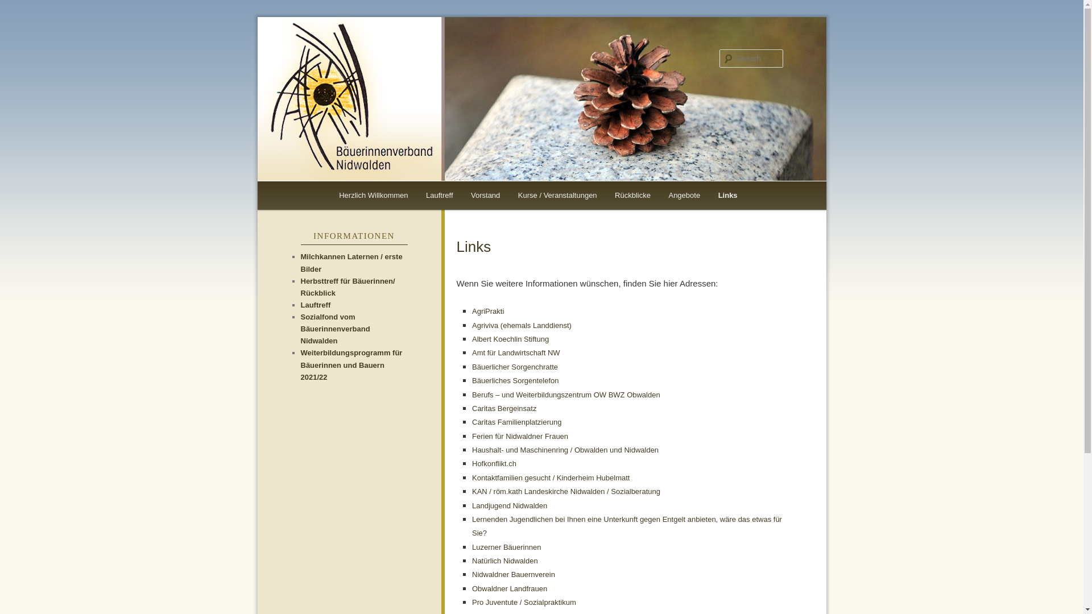  Describe the element at coordinates (439, 194) in the screenshot. I see `'Lauftreff'` at that location.